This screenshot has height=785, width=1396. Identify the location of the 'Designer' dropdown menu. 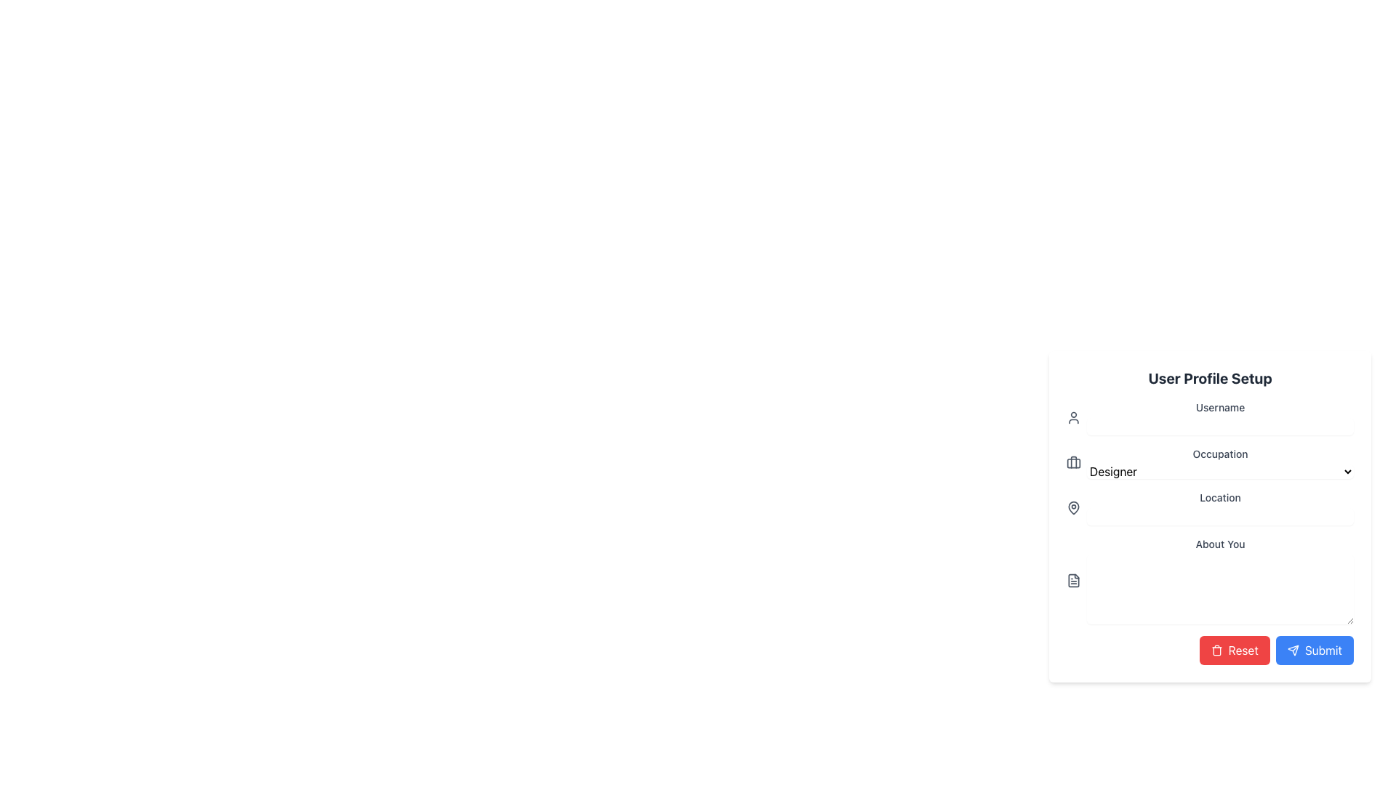
(1220, 471).